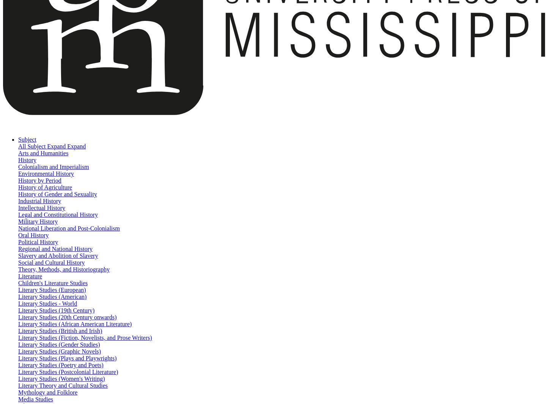 The height and width of the screenshot is (404, 550). Describe the element at coordinates (18, 160) in the screenshot. I see `'History'` at that location.